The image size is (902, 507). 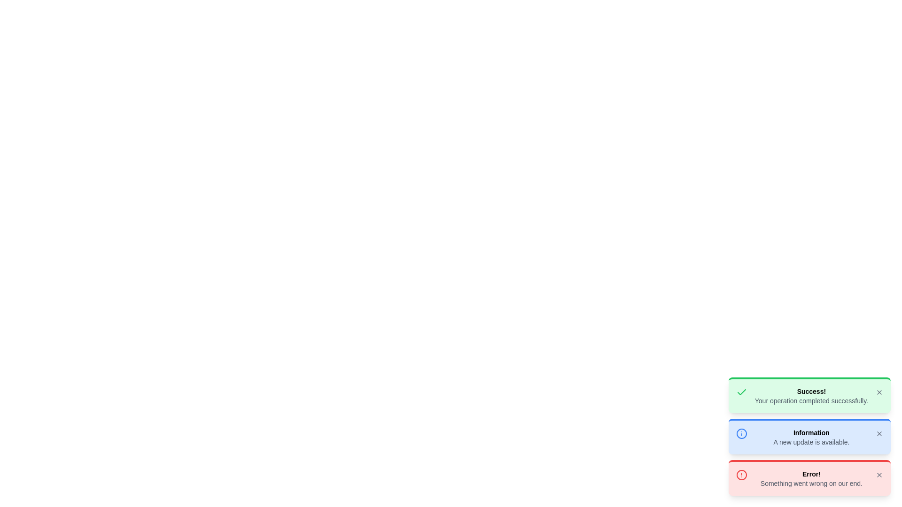 I want to click on the notification message text label that confirms the success of an operation, indicating that the action performed was successful. This element is static, so click(x=811, y=396).